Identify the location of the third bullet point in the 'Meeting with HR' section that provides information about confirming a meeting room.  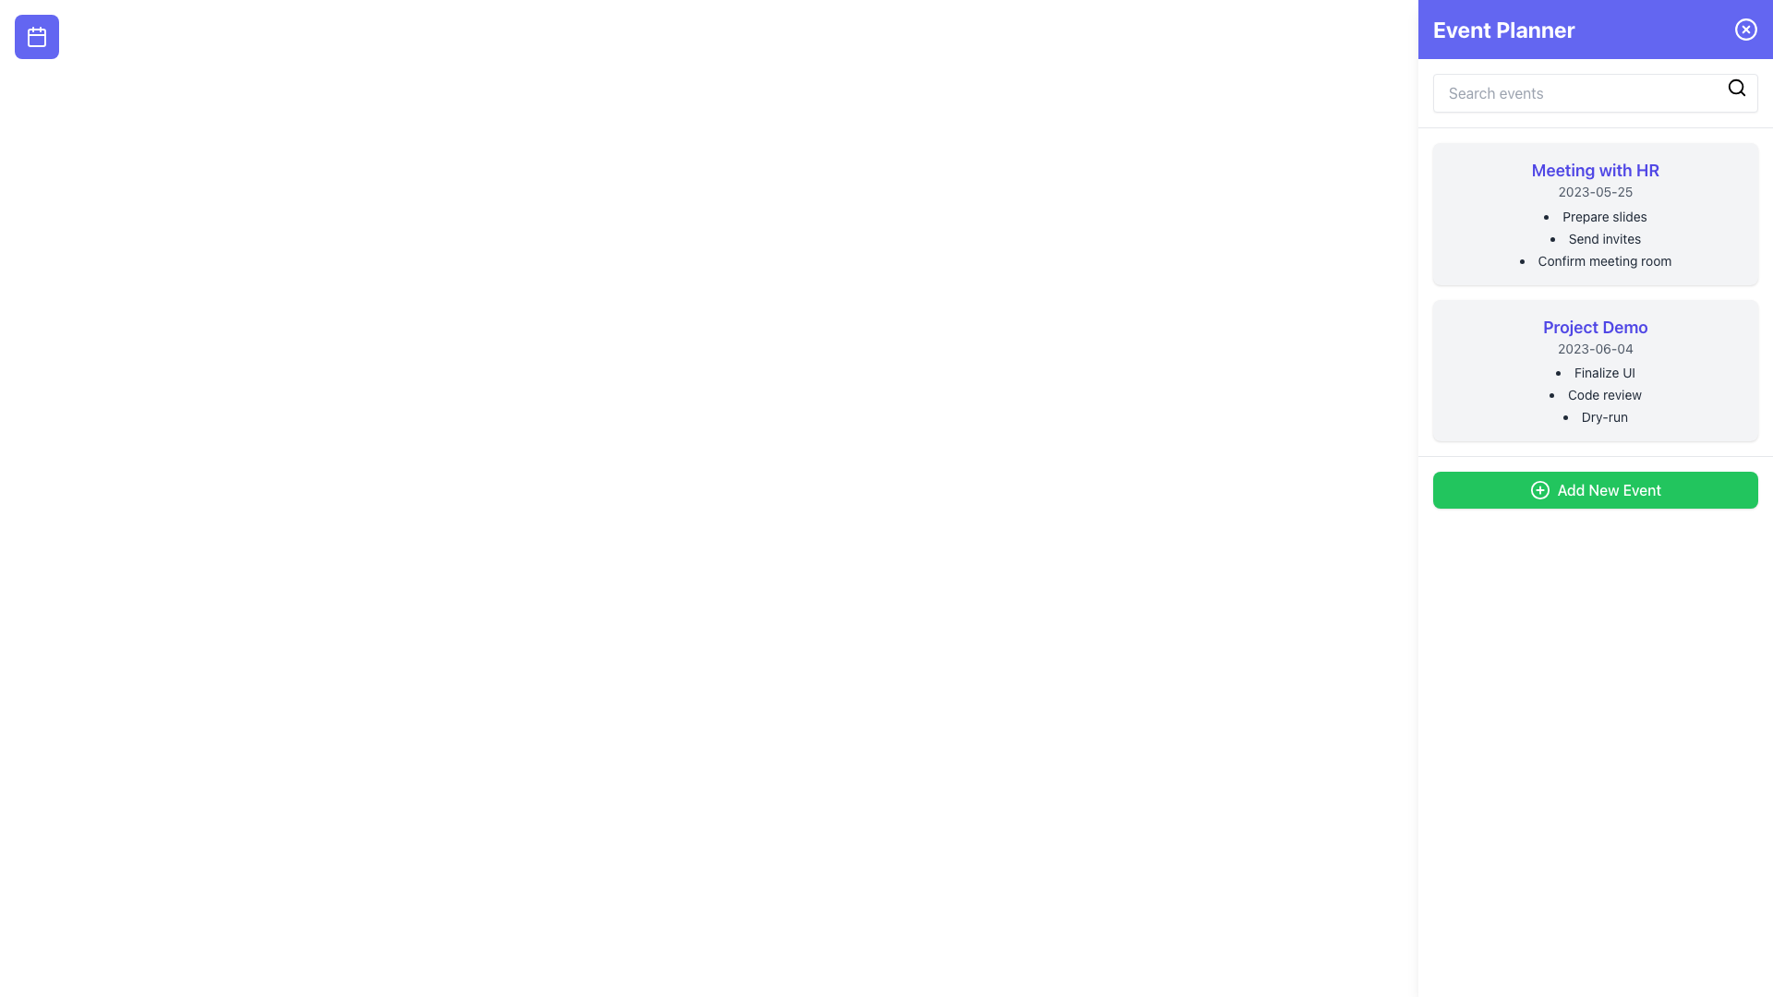
(1595, 259).